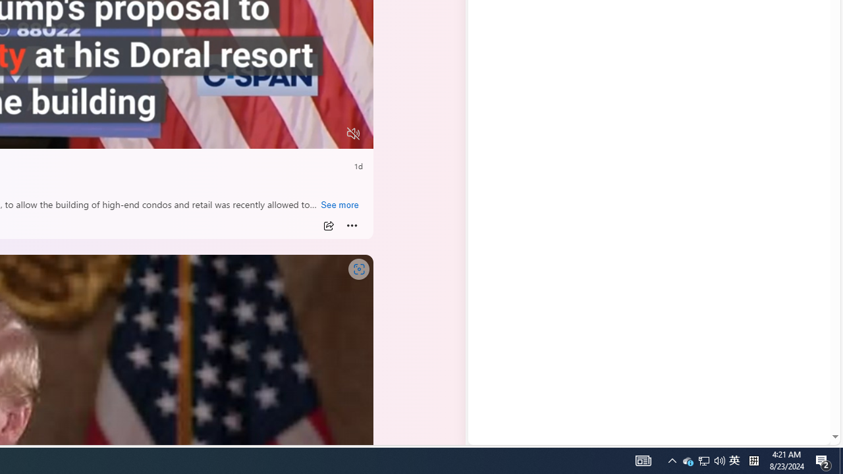 This screenshot has height=474, width=843. What do you see at coordinates (353, 134) in the screenshot?
I see `'Unmute'` at bounding box center [353, 134].